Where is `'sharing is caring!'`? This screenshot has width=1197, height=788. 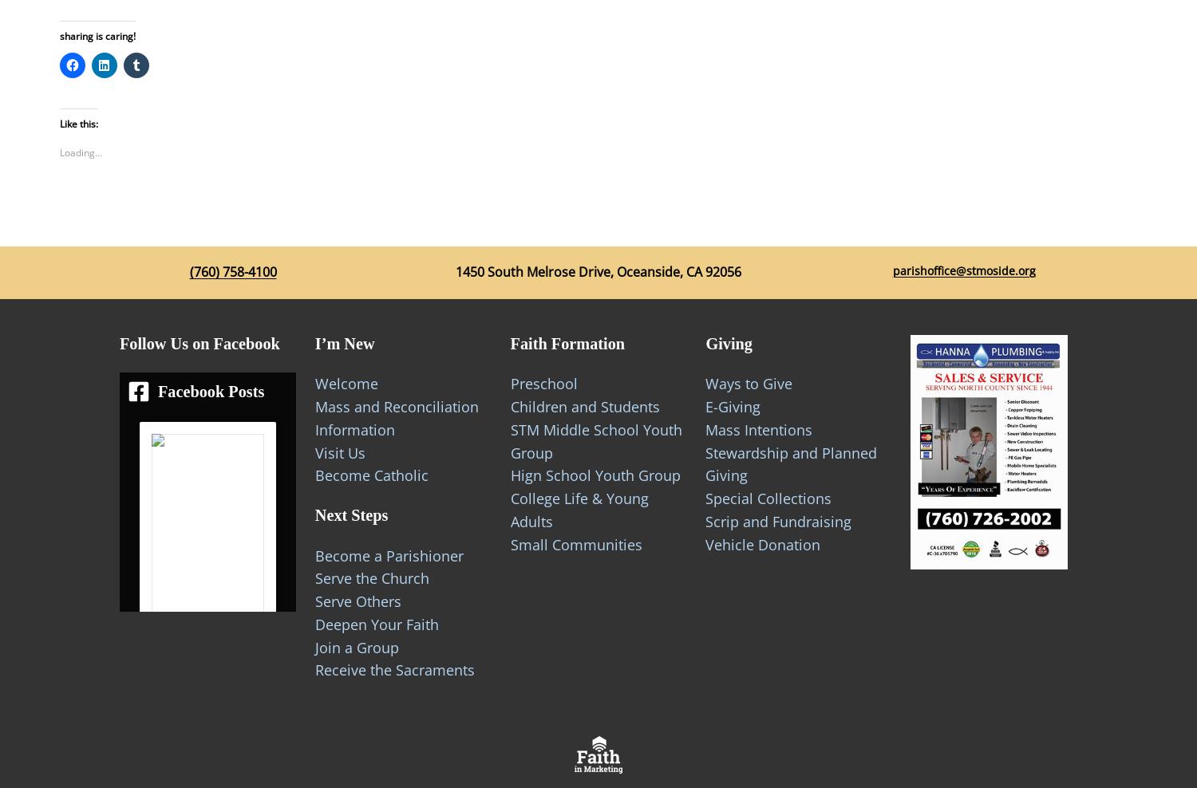 'sharing is caring!' is located at coordinates (97, 34).